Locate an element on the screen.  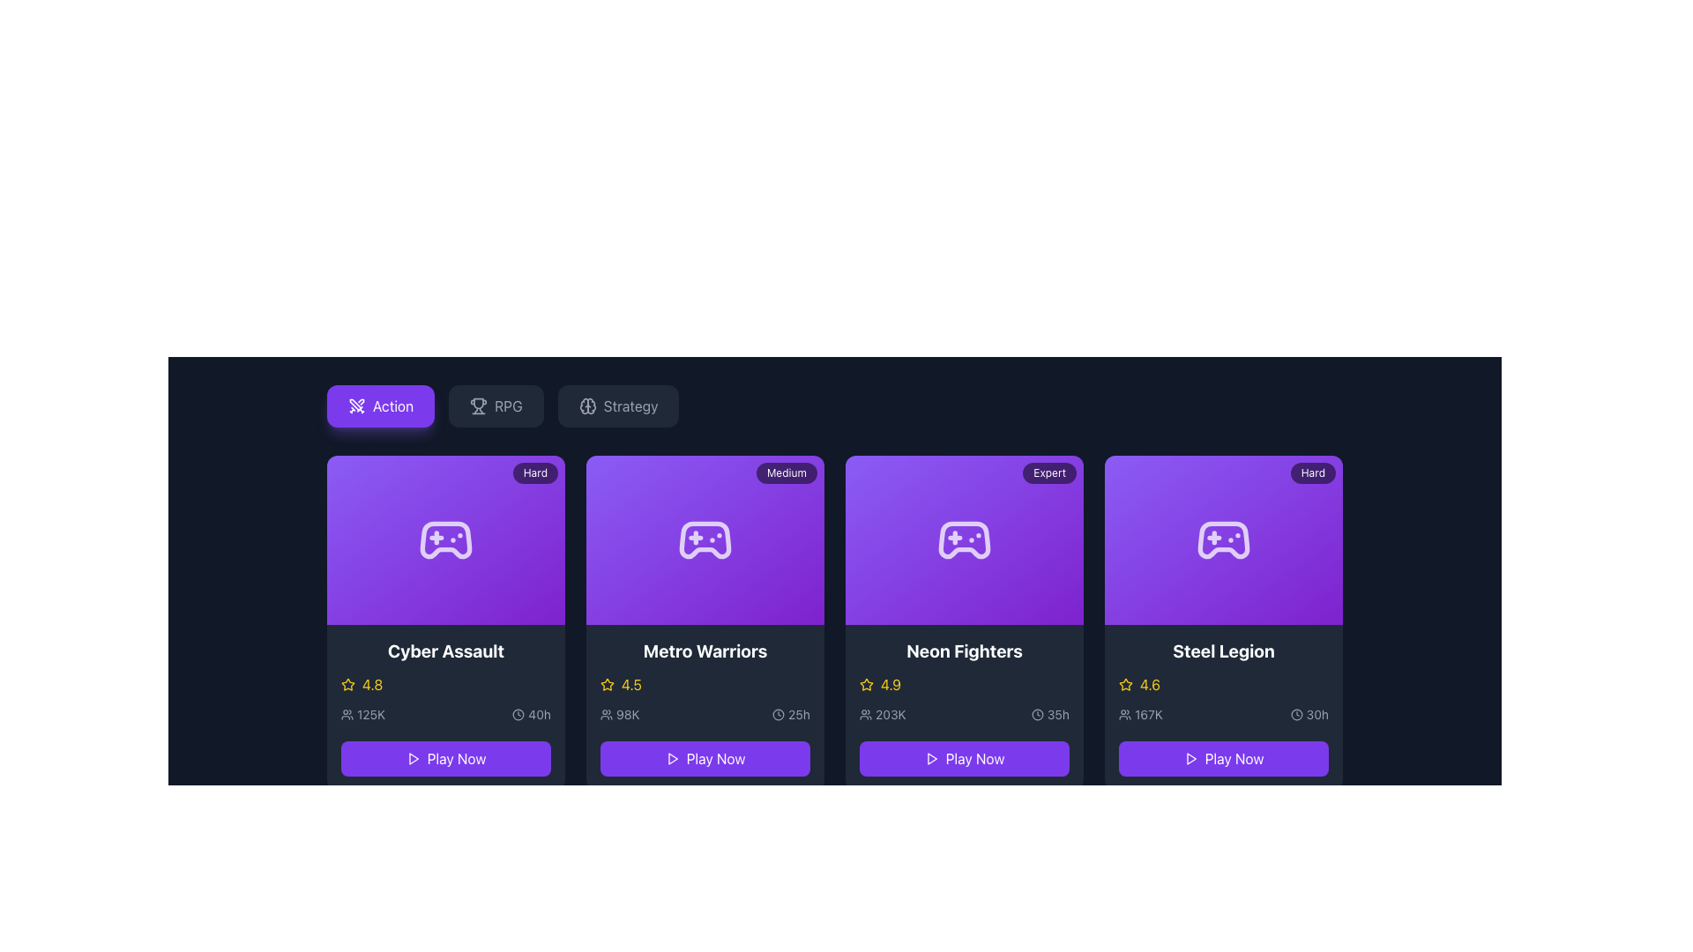
the game controller icon centered within the 'Metro Warriors' card, which indicates interactive gaming content is located at coordinates (705, 539).